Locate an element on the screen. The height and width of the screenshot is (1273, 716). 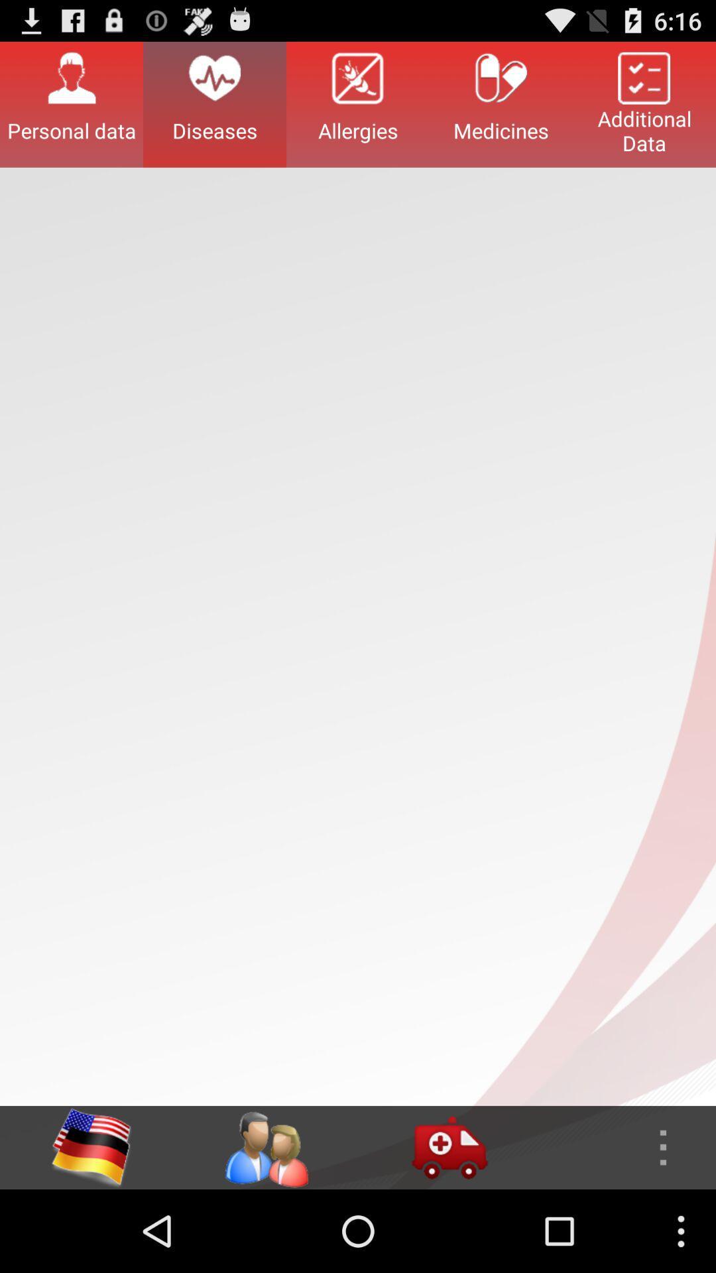
the icon to the right of allergies icon is located at coordinates (501, 103).